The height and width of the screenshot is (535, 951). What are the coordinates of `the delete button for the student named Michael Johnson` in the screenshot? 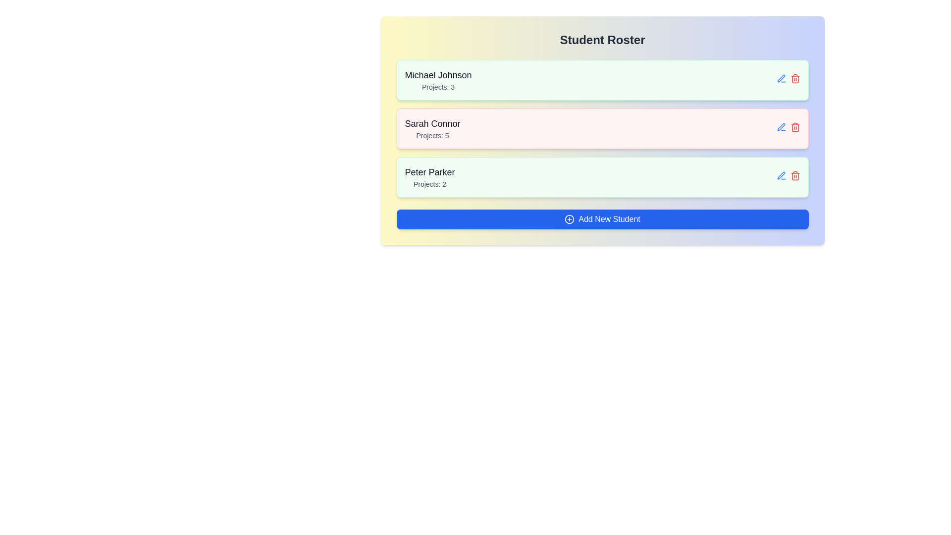 It's located at (795, 78).